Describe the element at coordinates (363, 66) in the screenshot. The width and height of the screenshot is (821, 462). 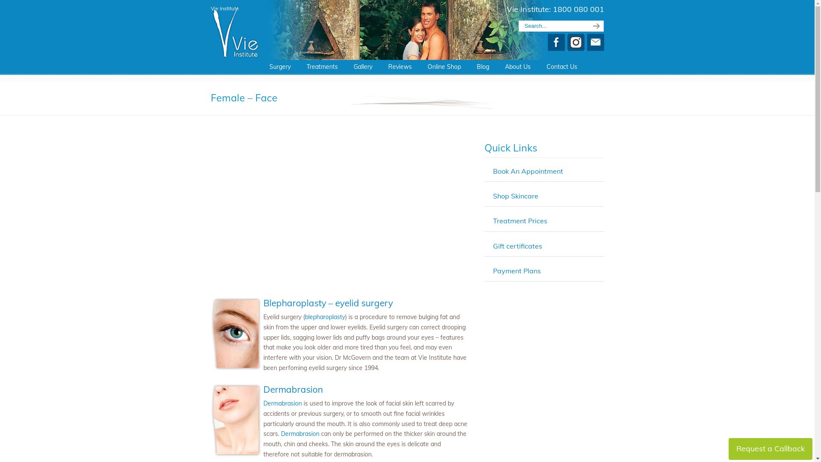
I see `'Gallery'` at that location.